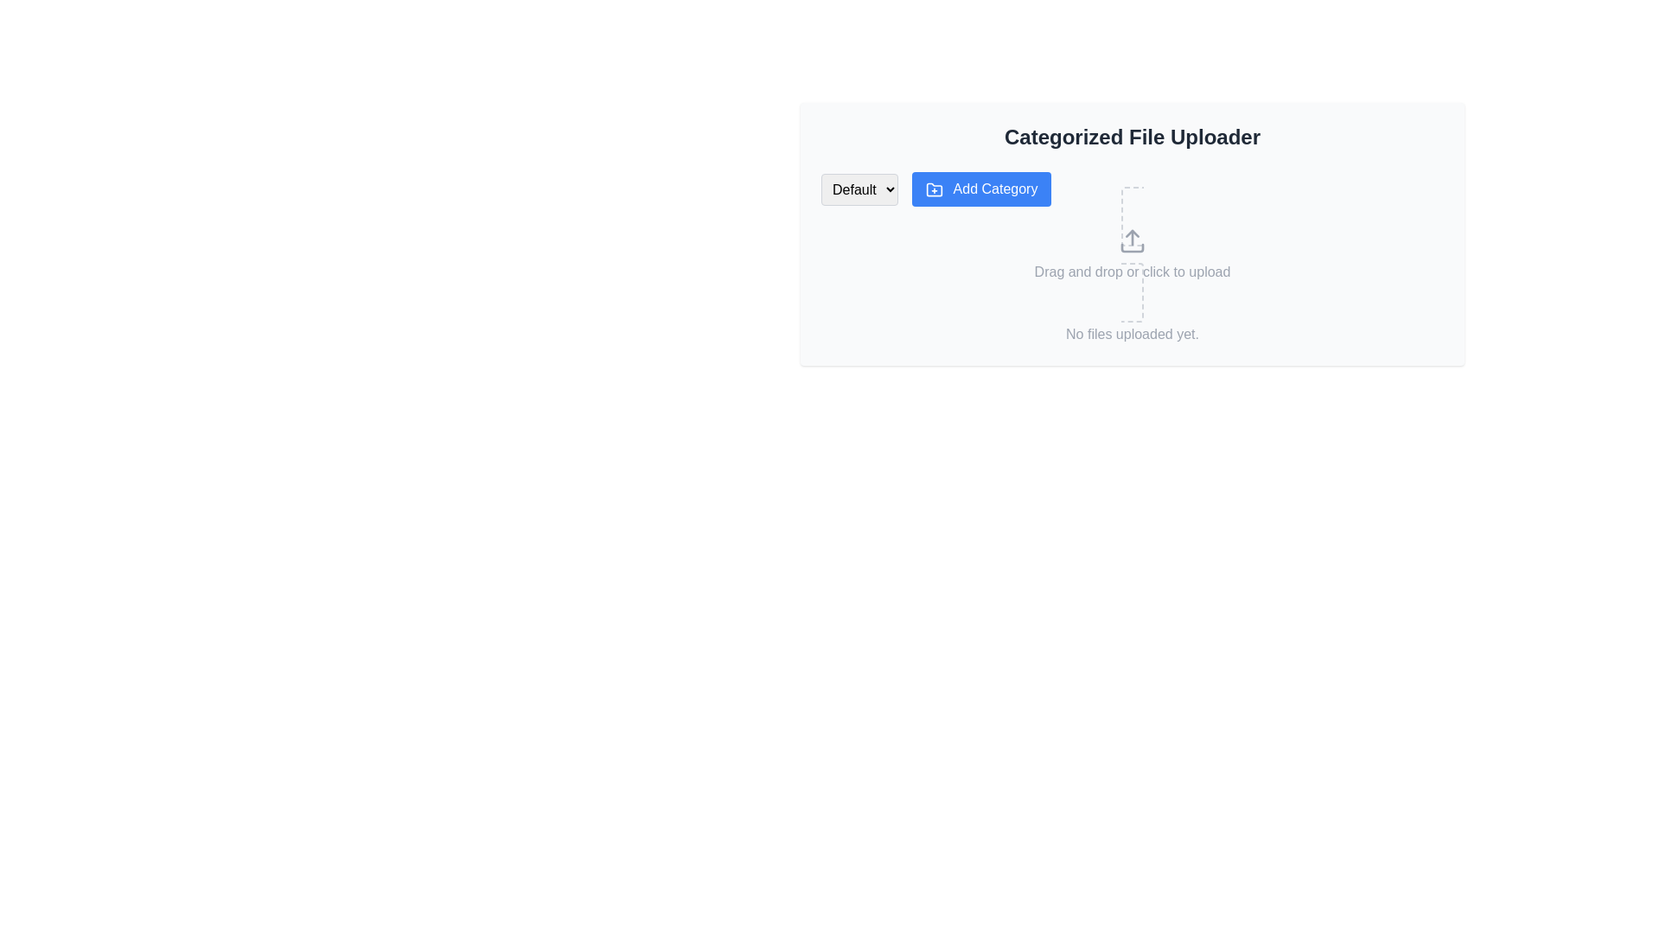 The width and height of the screenshot is (1660, 934). What do you see at coordinates (1133, 240) in the screenshot?
I see `the upload icon, which is a small gray arrow pointing upwards inside a square with a dashed outline, to indicate a file upload interaction` at bounding box center [1133, 240].